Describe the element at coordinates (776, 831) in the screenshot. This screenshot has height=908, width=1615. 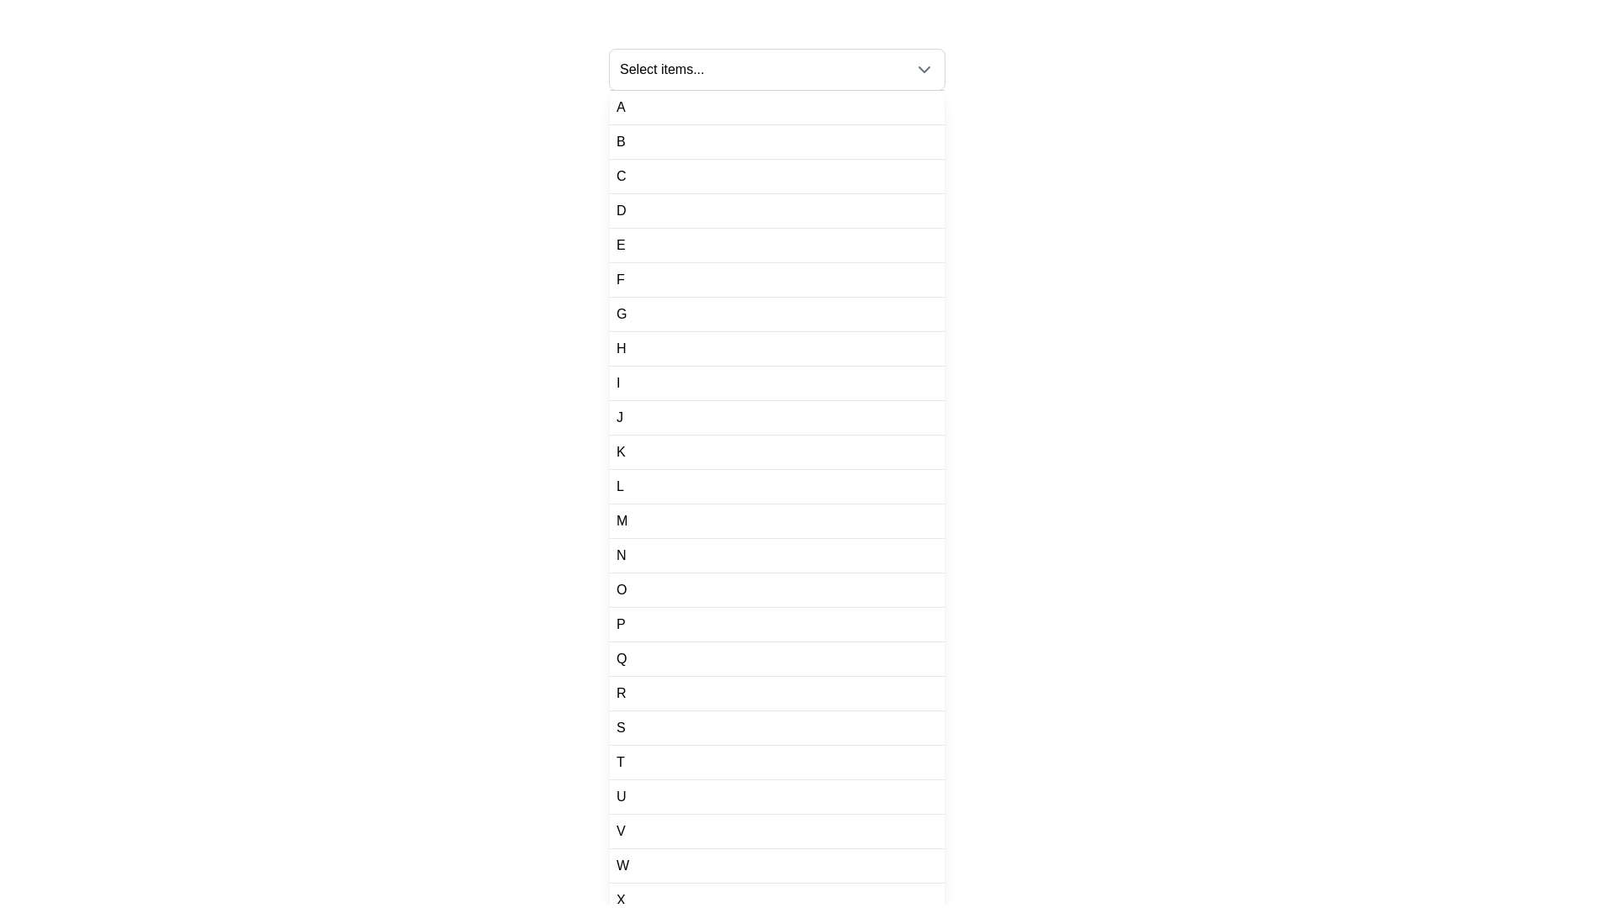
I see `the selectable list item located at the 22nd position in the vertical list, which is positioned between 'U' and 'W'` at that location.